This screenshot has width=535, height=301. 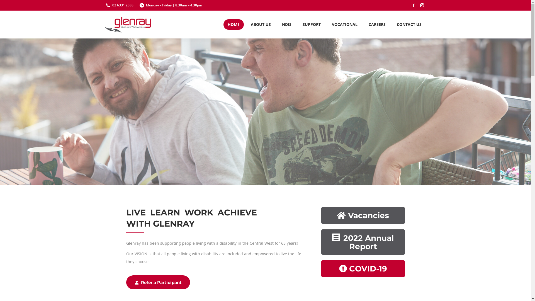 What do you see at coordinates (286, 24) in the screenshot?
I see `'NDIS'` at bounding box center [286, 24].